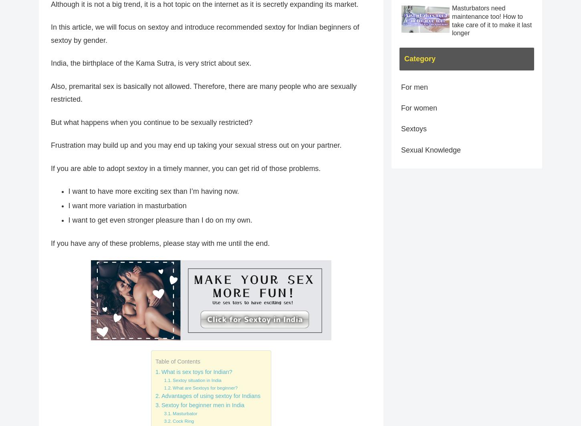  Describe the element at coordinates (183, 421) in the screenshot. I see `'Cock Ring'` at that location.